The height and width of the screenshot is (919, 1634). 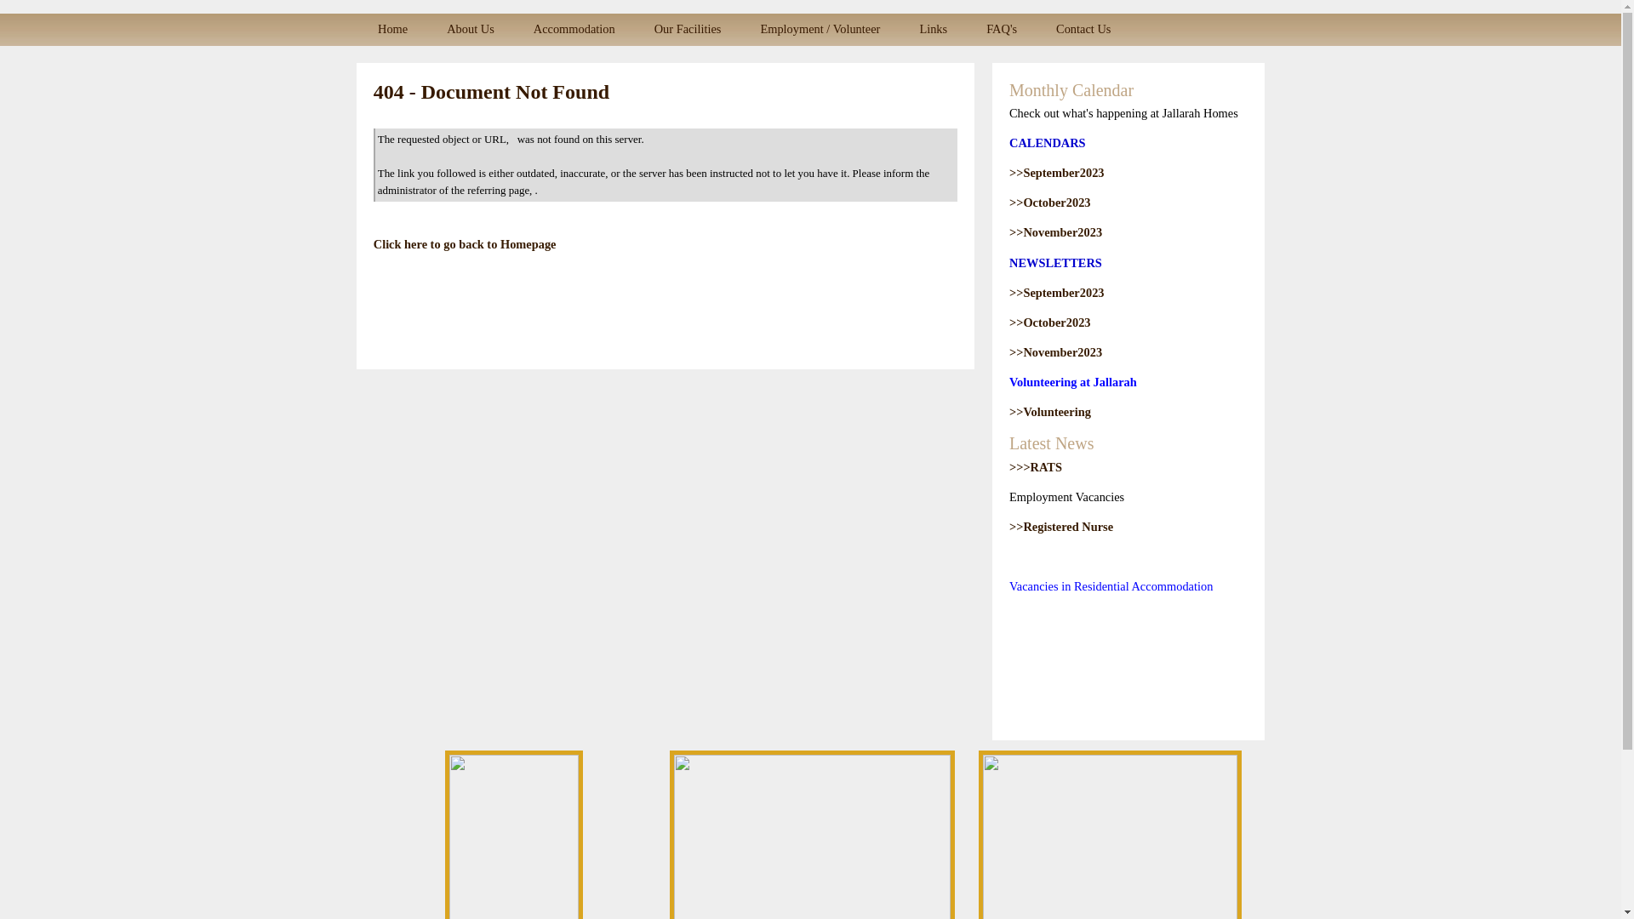 I want to click on 'Home', so click(x=357, y=29).